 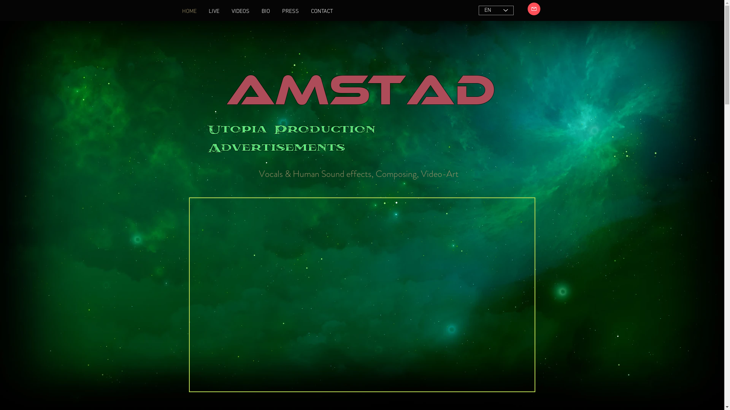 I want to click on 'Amstad', so click(x=225, y=81).